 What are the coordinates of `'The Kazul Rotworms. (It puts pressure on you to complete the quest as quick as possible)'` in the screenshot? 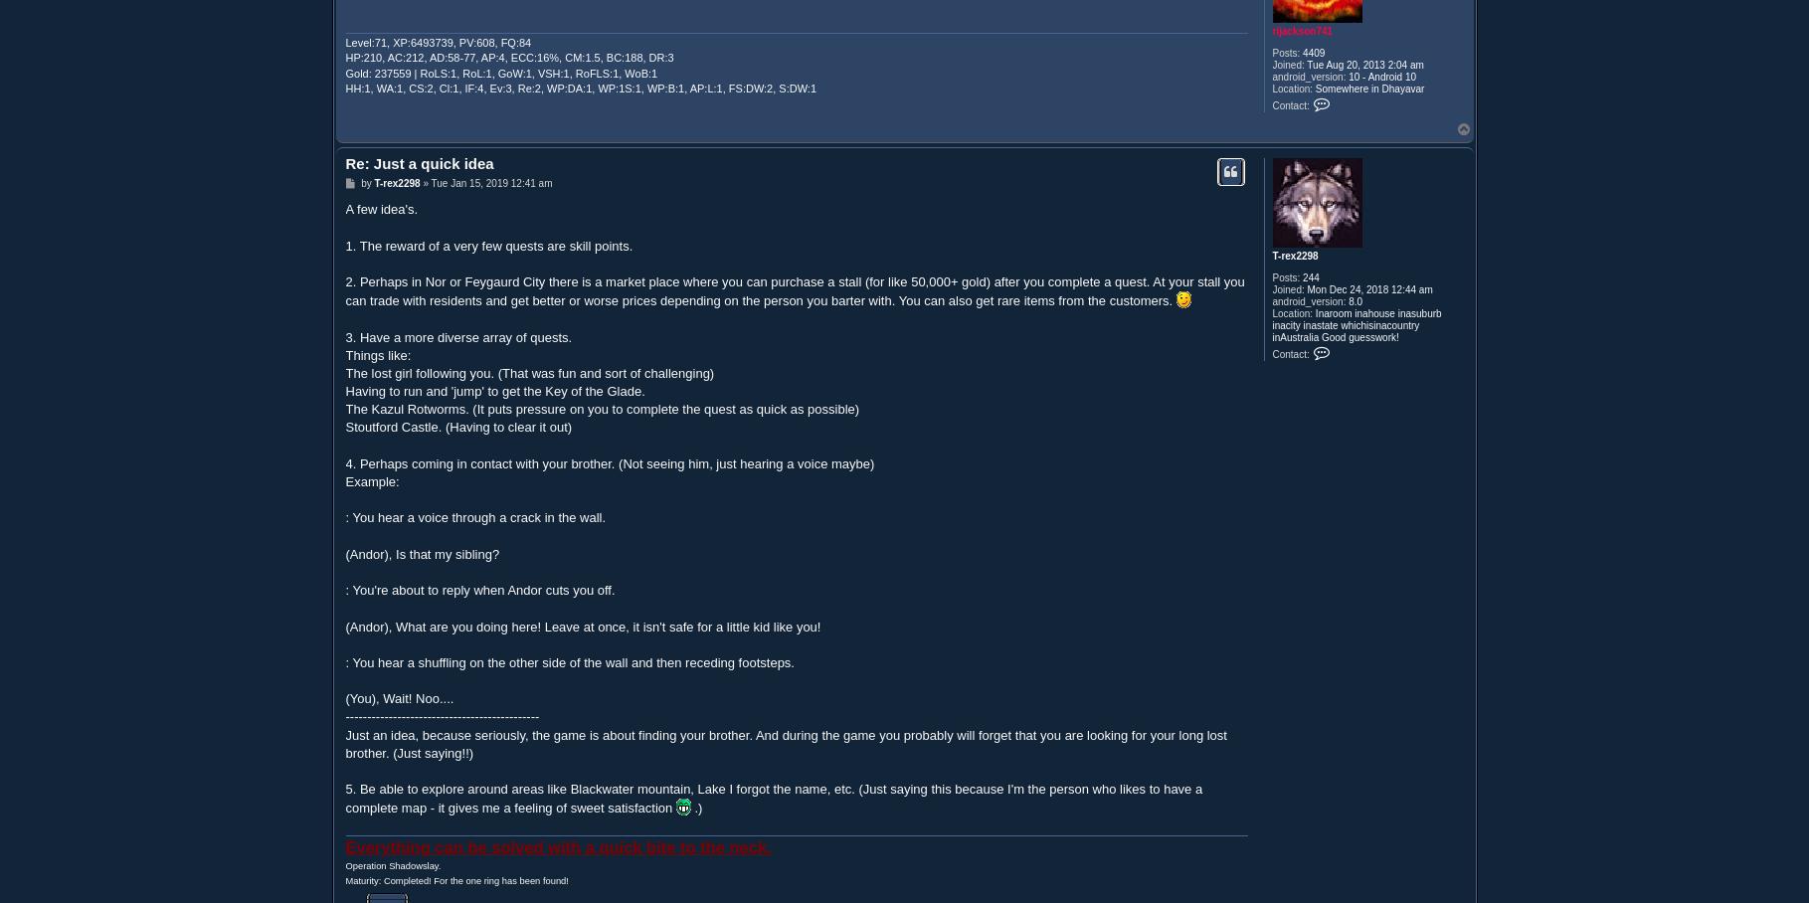 It's located at (602, 408).